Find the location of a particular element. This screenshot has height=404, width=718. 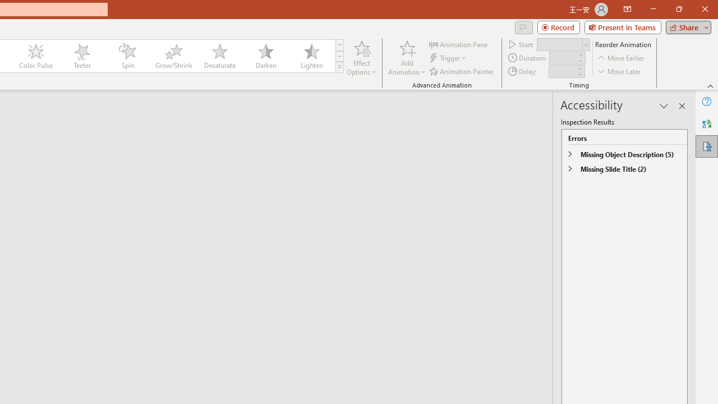

'Help' is located at coordinates (706, 102).